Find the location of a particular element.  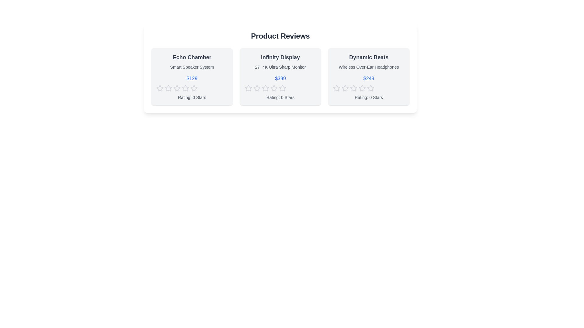

price displayed in the middle card of the product reviews section, which is located beneath the 'Infinity Display' title and above the star rating row is located at coordinates (280, 78).